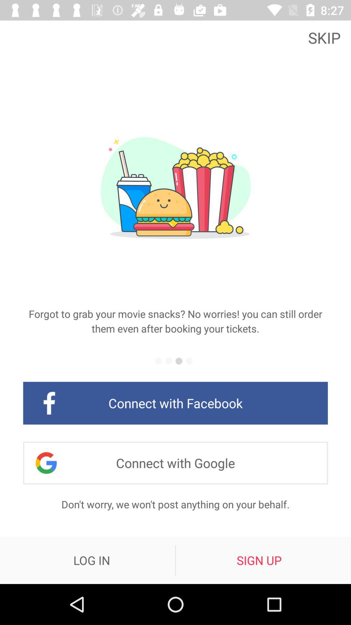 The width and height of the screenshot is (351, 625). I want to click on the sign up icon, so click(259, 560).